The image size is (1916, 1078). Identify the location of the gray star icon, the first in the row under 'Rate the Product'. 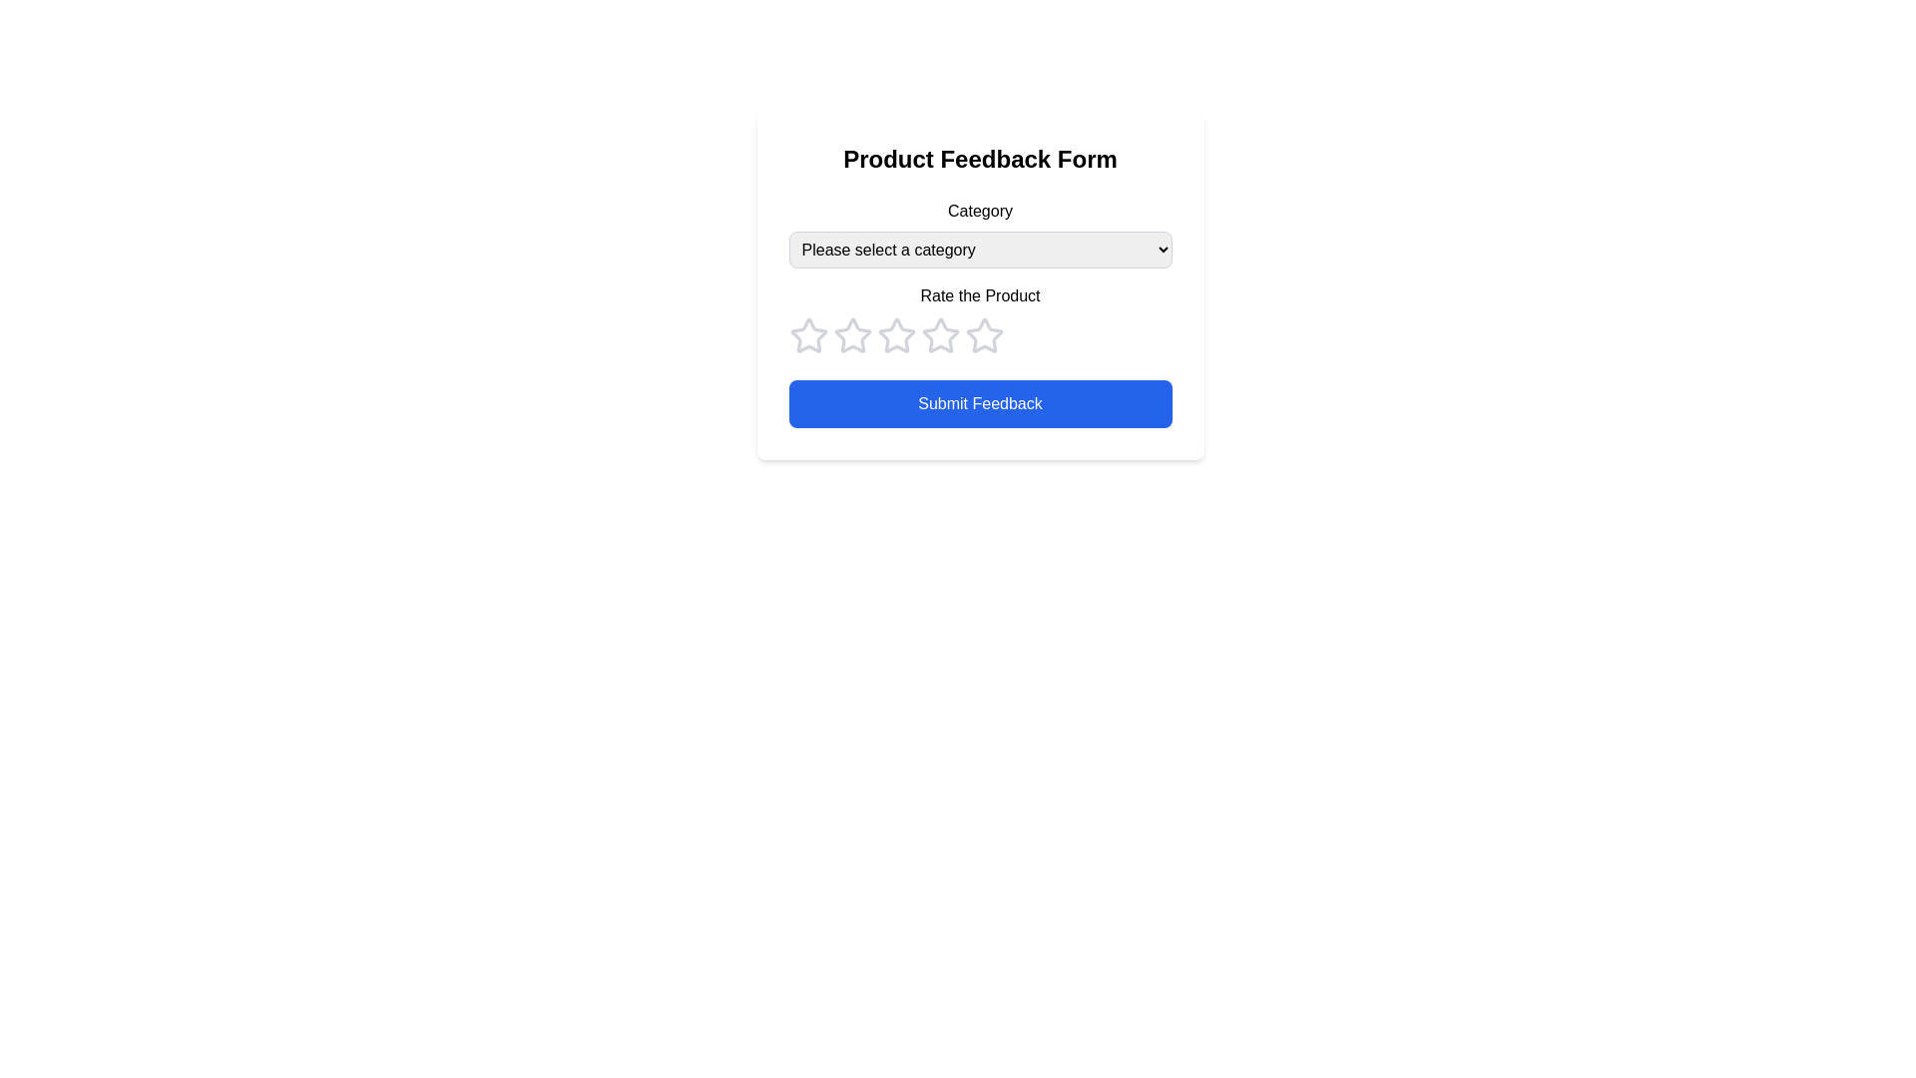
(808, 334).